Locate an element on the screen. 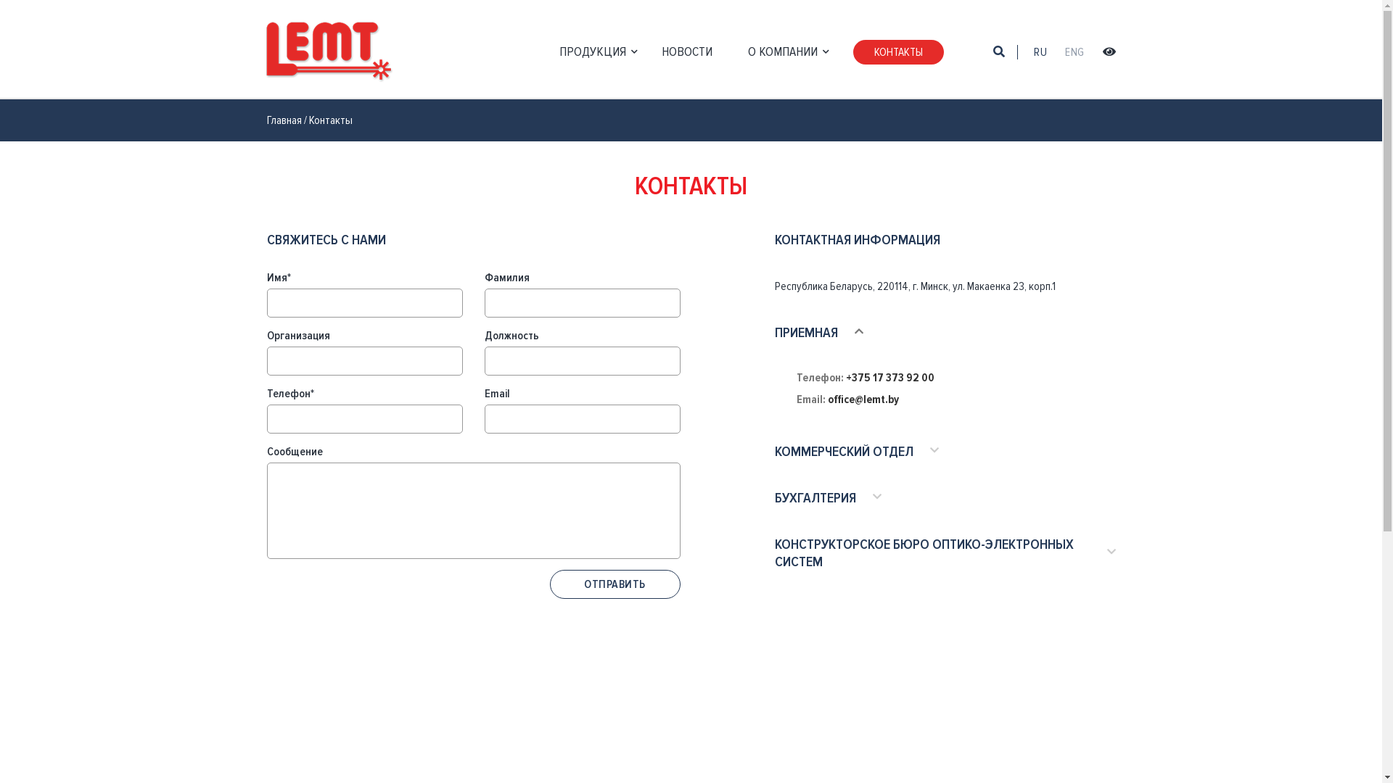  'office@lemt.by' is located at coordinates (863, 399).